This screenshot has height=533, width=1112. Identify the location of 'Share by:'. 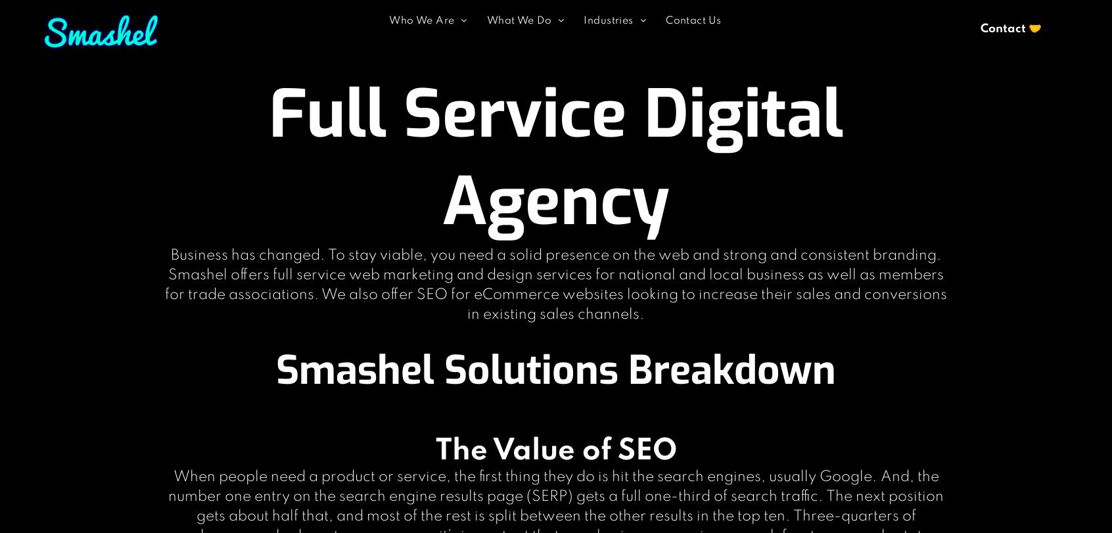
(25, 33).